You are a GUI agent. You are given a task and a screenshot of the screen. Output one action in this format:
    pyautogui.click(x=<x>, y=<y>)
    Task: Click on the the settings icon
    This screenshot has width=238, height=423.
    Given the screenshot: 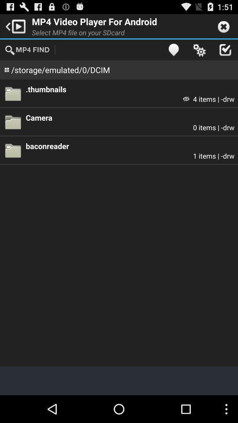 What is the action you would take?
    pyautogui.click(x=199, y=53)
    